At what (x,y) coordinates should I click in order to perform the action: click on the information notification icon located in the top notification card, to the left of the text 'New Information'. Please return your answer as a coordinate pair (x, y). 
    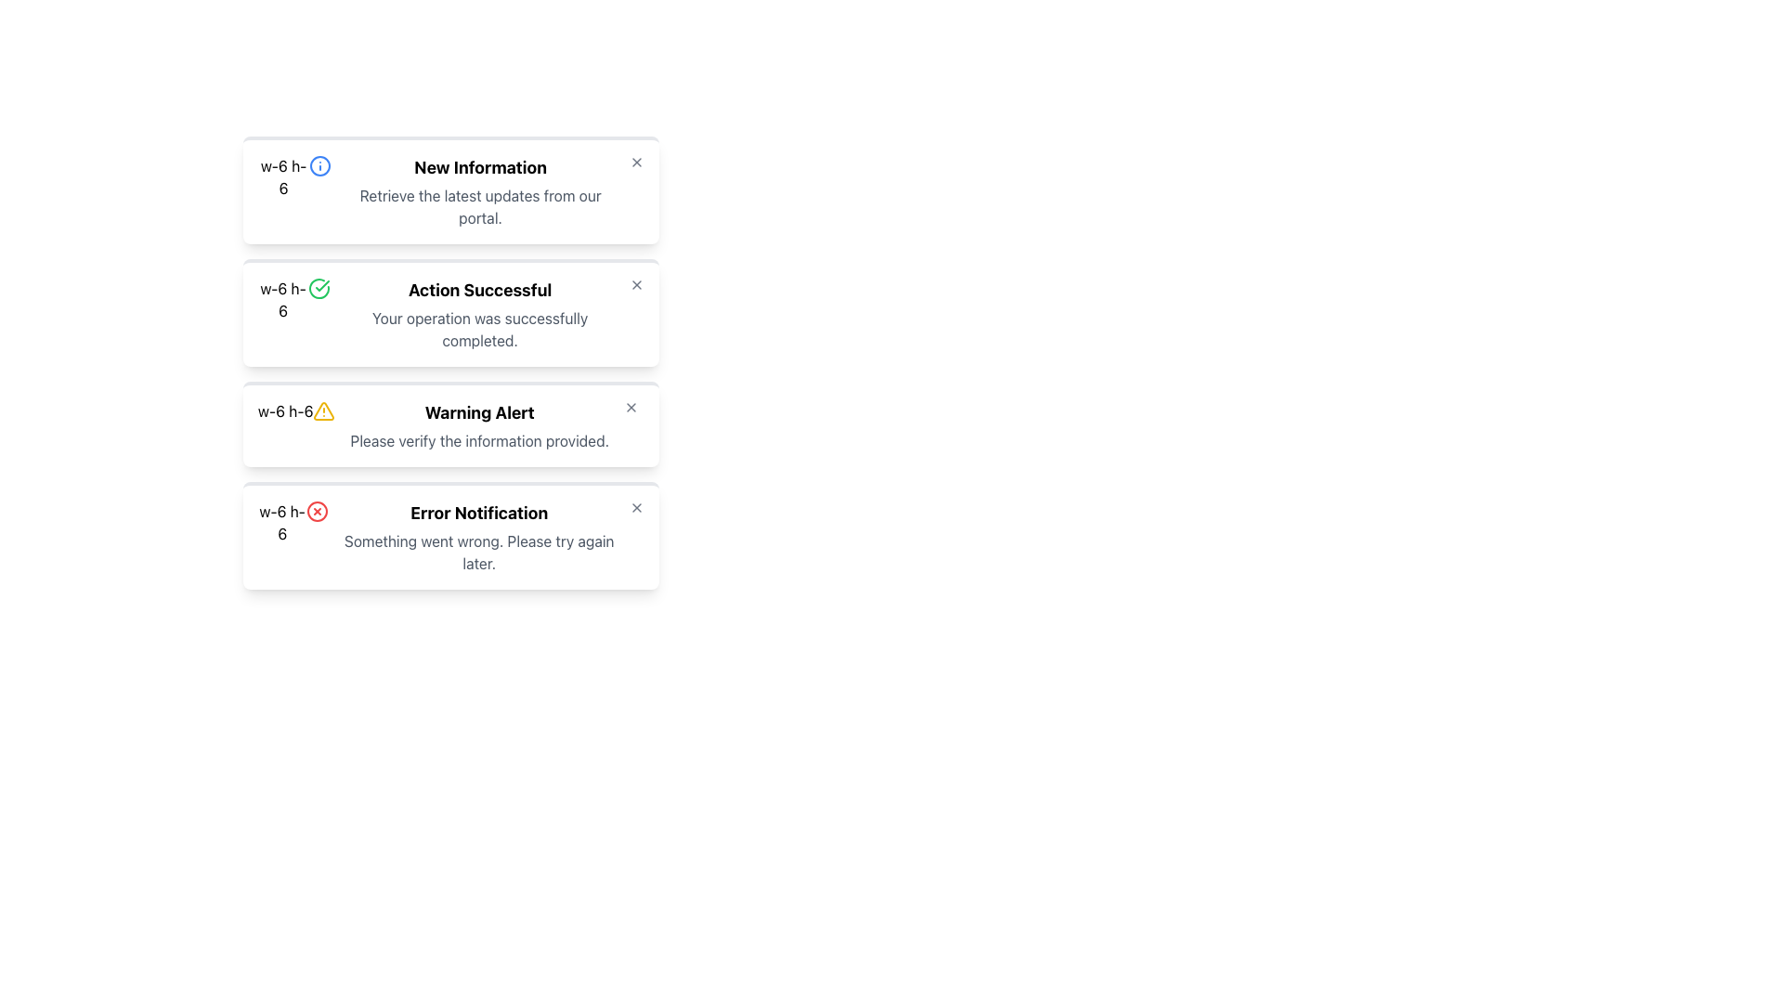
    Looking at the image, I should click on (320, 164).